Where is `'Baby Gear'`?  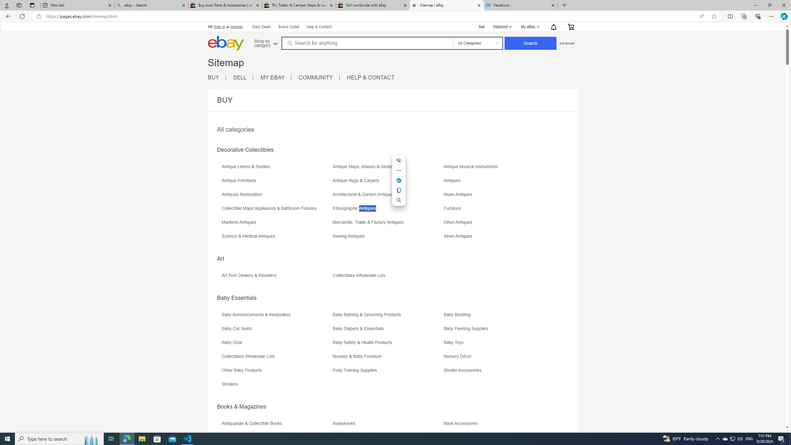
'Baby Gear' is located at coordinates (233, 342).